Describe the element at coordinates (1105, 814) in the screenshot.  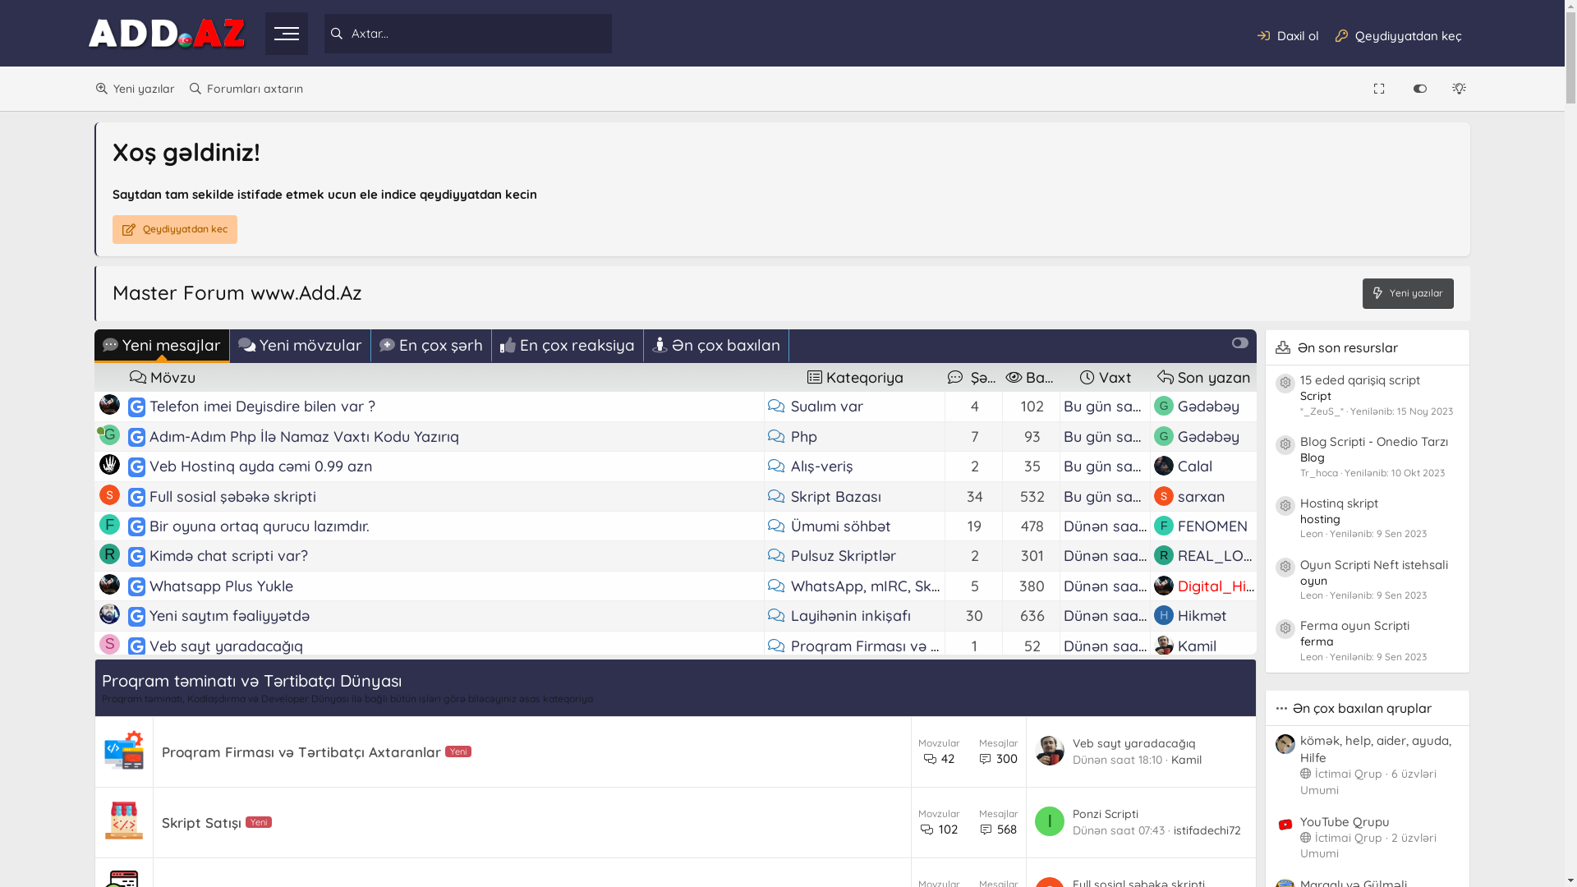
I see `'Ponzi Scripti'` at that location.